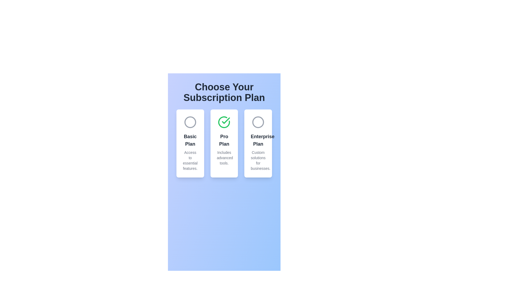 Image resolution: width=511 pixels, height=287 pixels. What do you see at coordinates (258, 122) in the screenshot?
I see `the plan identified by Enterprise Plan` at bounding box center [258, 122].